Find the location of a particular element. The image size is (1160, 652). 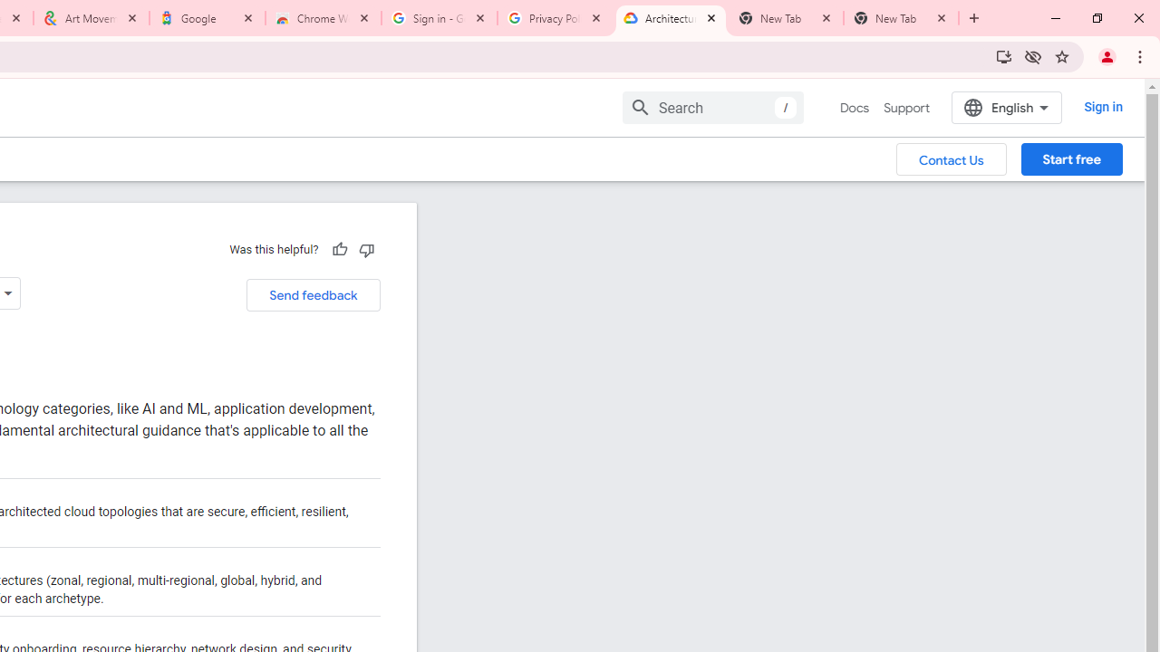

'Not helpful' is located at coordinates (365, 249).